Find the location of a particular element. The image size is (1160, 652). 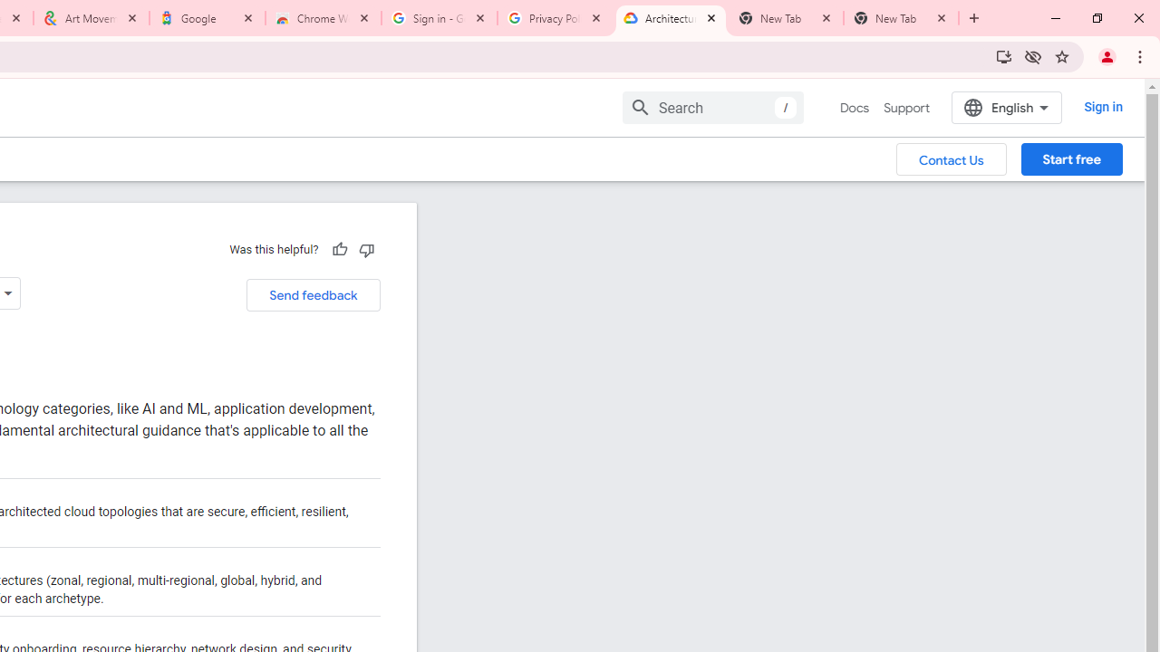

'Not helpful' is located at coordinates (365, 249).